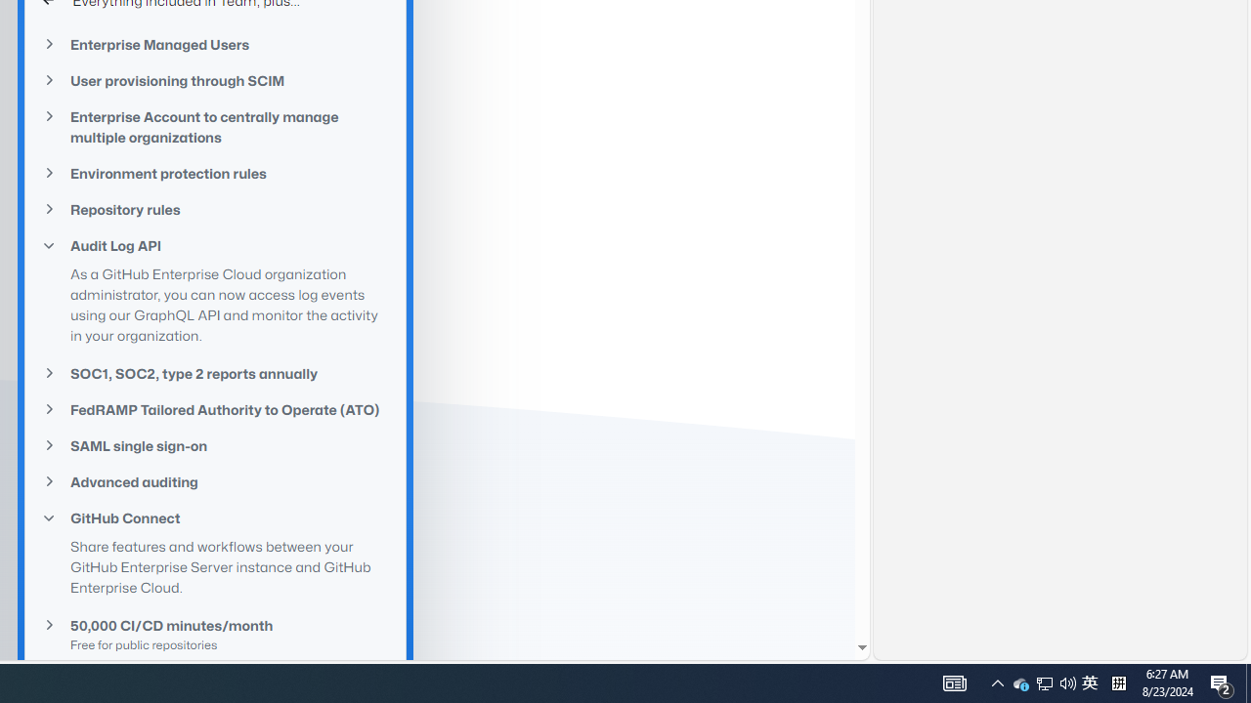 Image resolution: width=1251 pixels, height=703 pixels. Describe the element at coordinates (215, 79) in the screenshot. I see `'User provisioning through SCIM'` at that location.